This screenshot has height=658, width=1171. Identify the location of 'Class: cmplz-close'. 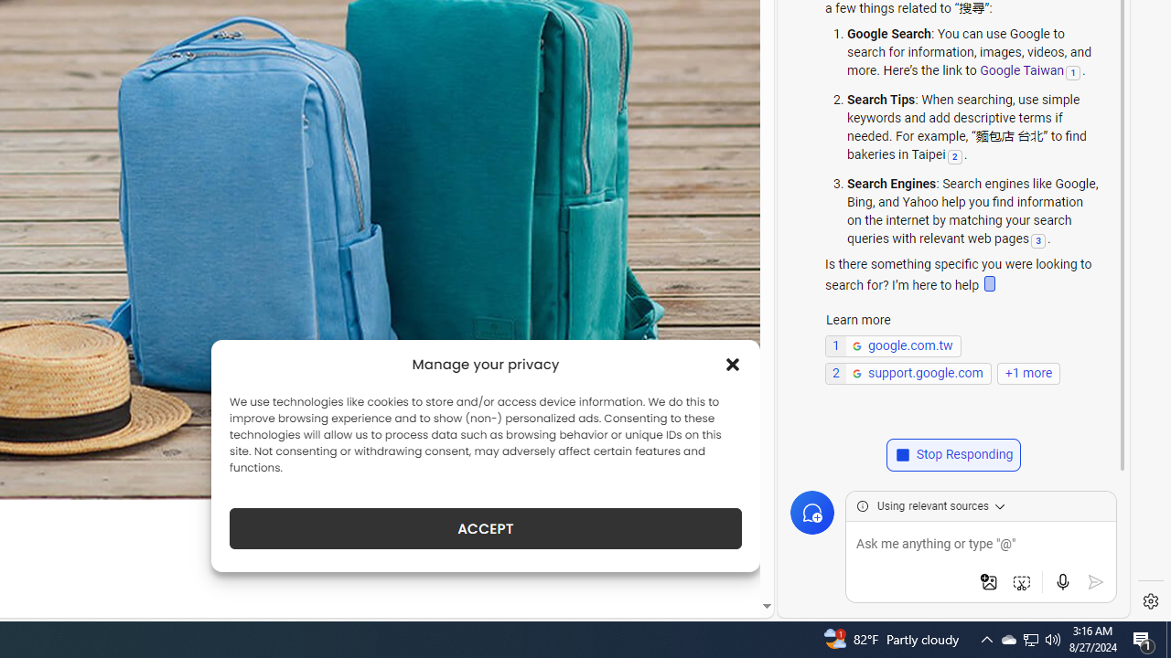
(733, 364).